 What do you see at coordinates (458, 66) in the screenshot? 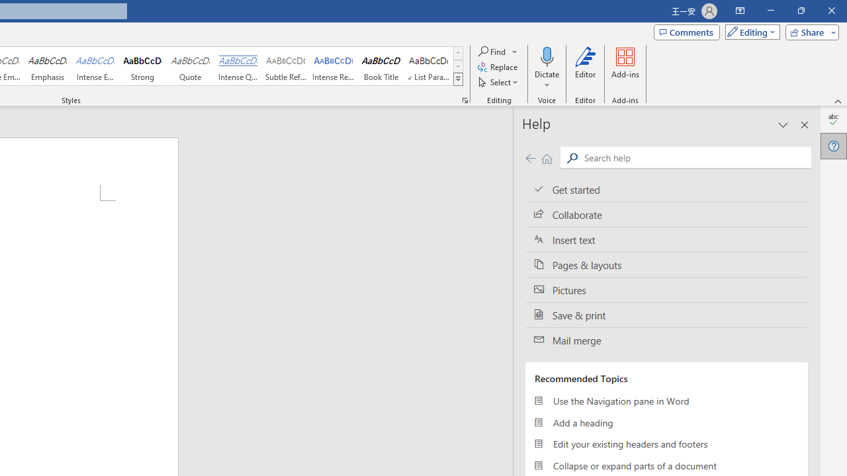
I see `'Row Down'` at bounding box center [458, 66].